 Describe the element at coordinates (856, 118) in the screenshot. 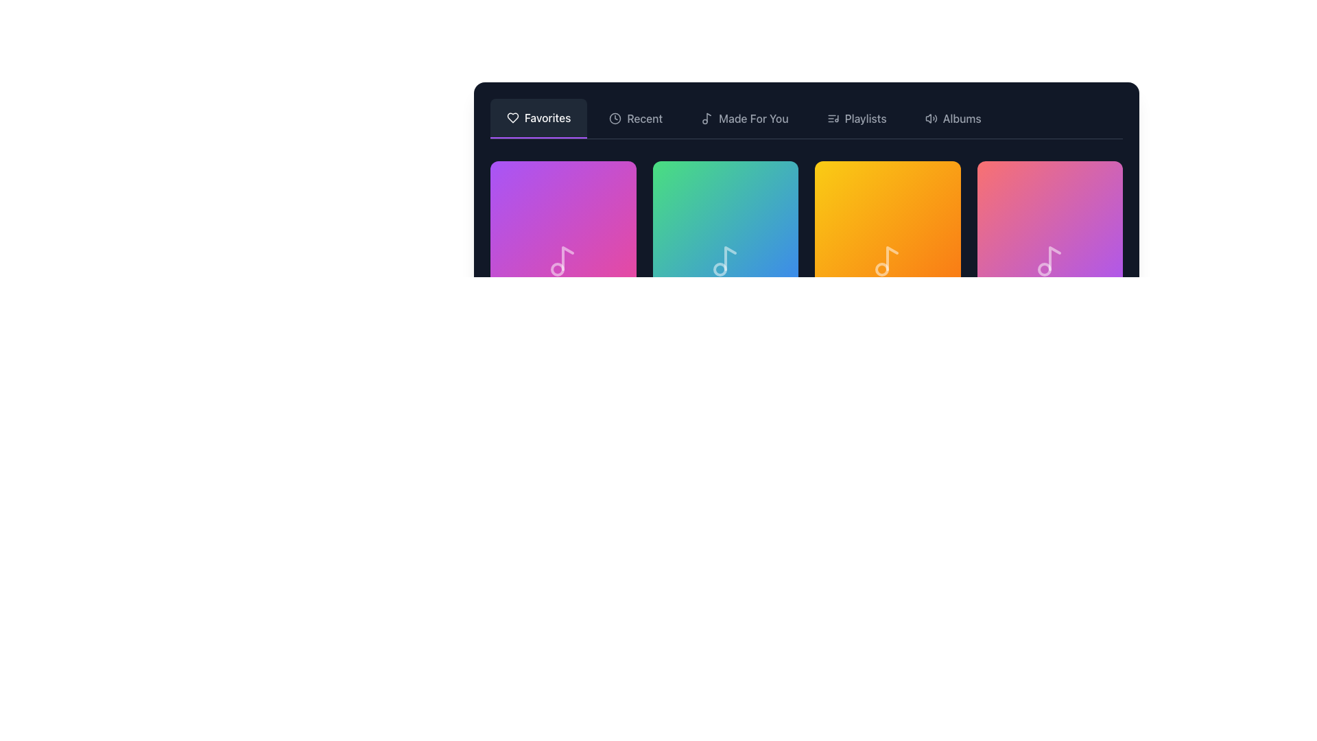

I see `the navigational button for 'Playlists' located in the navigation bar, which is the fourth item from the left` at that location.